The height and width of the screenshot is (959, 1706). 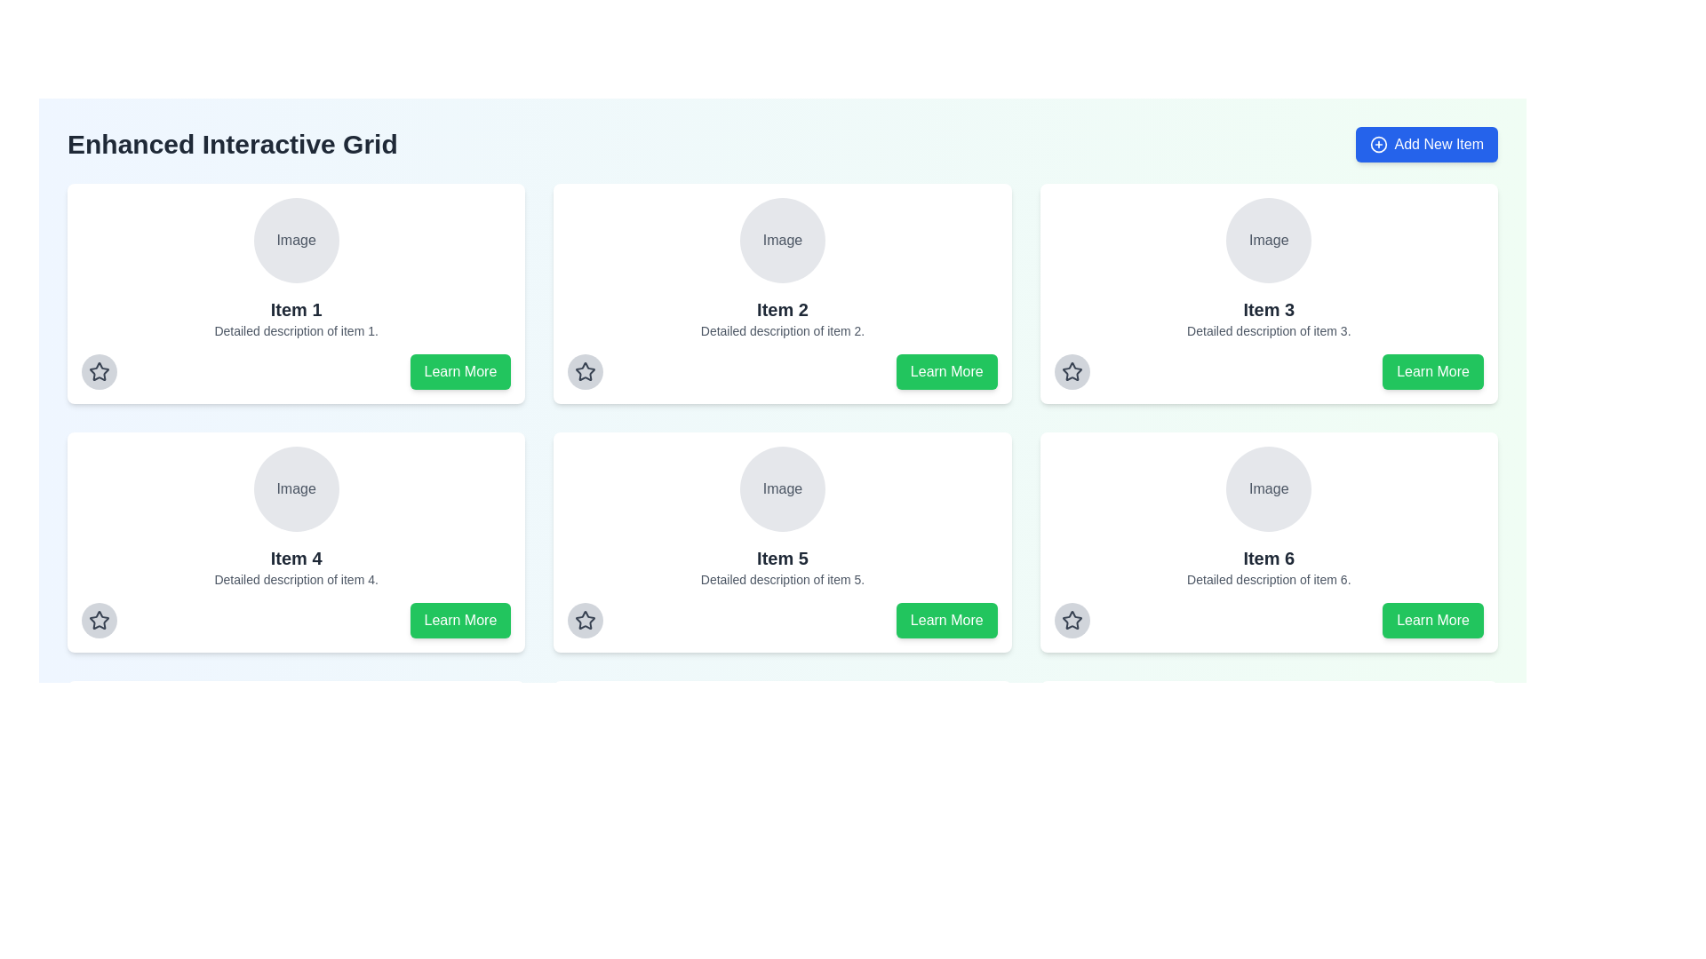 What do you see at coordinates (98, 868) in the screenshot?
I see `the interactive button located in the bottom-left corner of the fourth card displaying 'Item 4'` at bounding box center [98, 868].